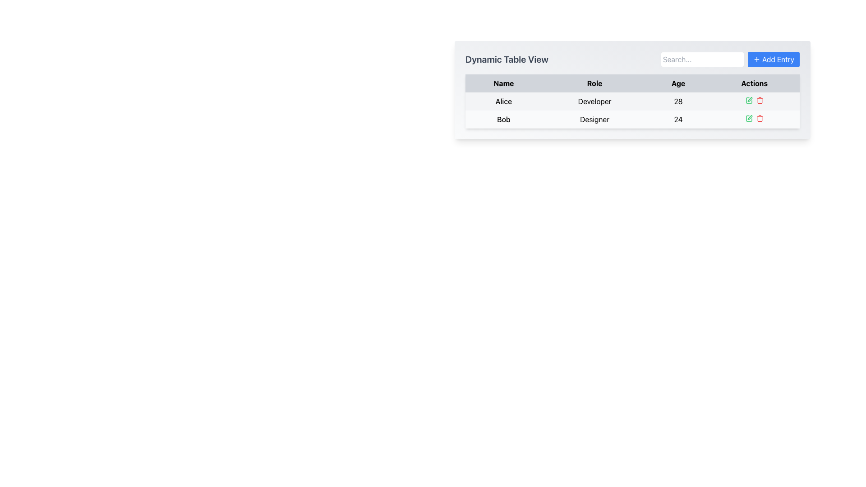 The height and width of the screenshot is (487, 866). What do you see at coordinates (503, 83) in the screenshot?
I see `the 'Name' column header text label, which is the first element in the header row of the table` at bounding box center [503, 83].